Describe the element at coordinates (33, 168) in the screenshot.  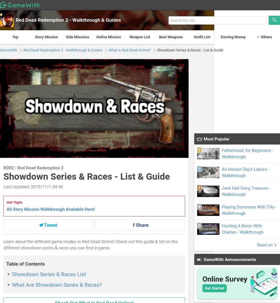
I see `'RDR2 | Red Dead Redemption 2'` at that location.